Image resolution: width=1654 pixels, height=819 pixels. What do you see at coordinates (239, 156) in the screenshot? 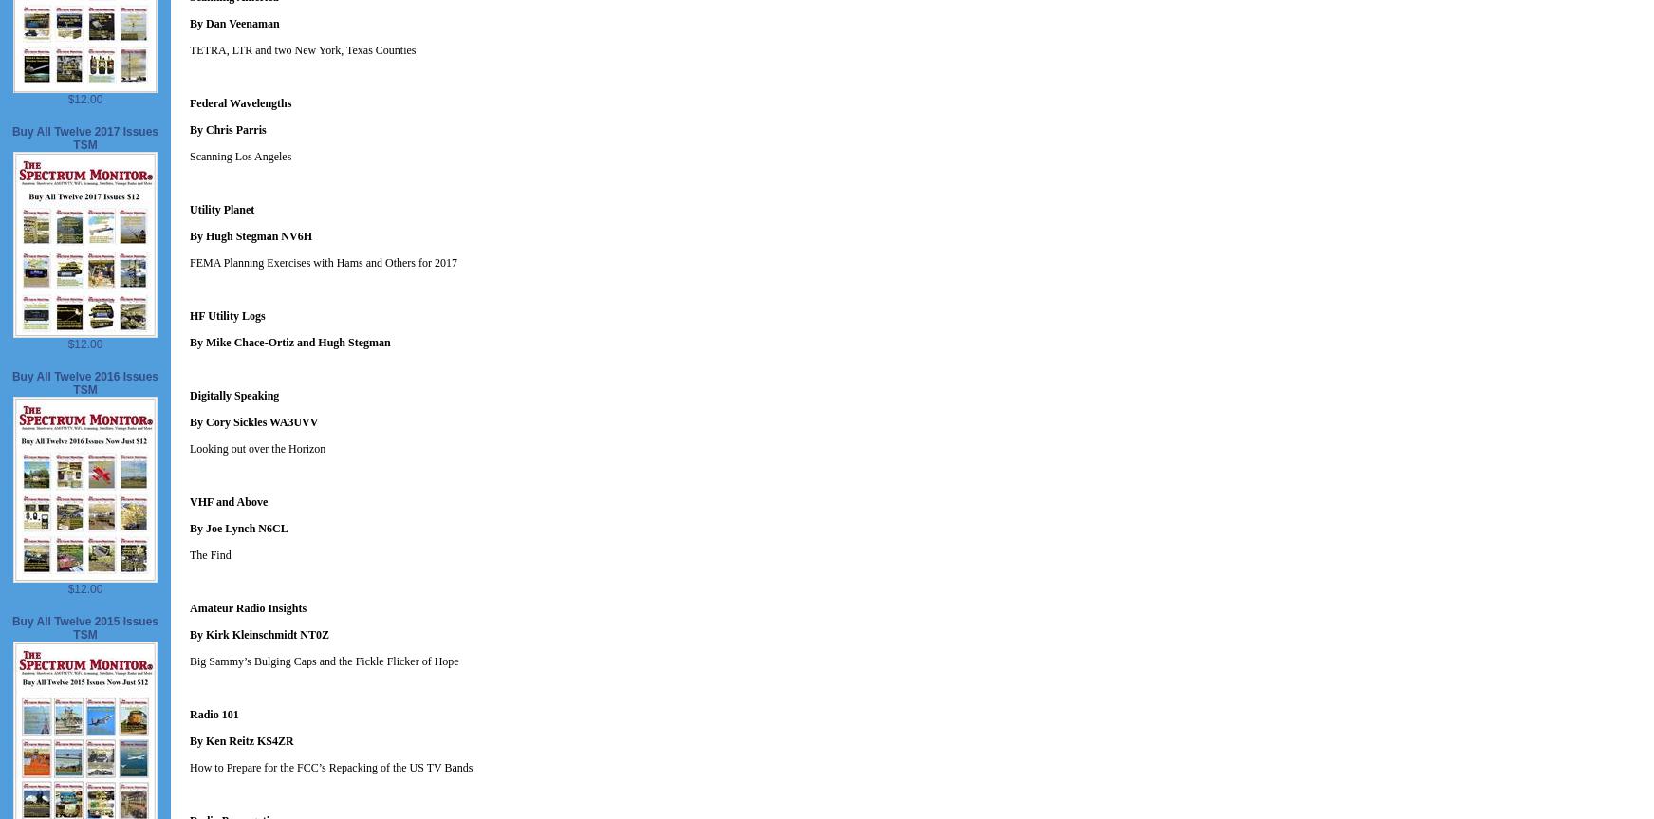
I see `'Scanning
Los Angeles'` at bounding box center [239, 156].